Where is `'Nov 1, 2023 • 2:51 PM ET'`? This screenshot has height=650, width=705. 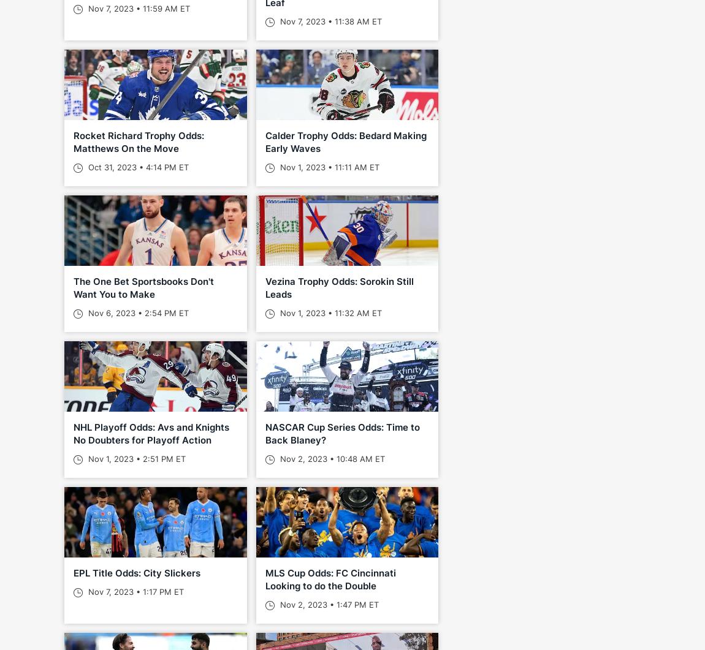 'Nov 1, 2023 • 2:51 PM ET' is located at coordinates (135, 458).